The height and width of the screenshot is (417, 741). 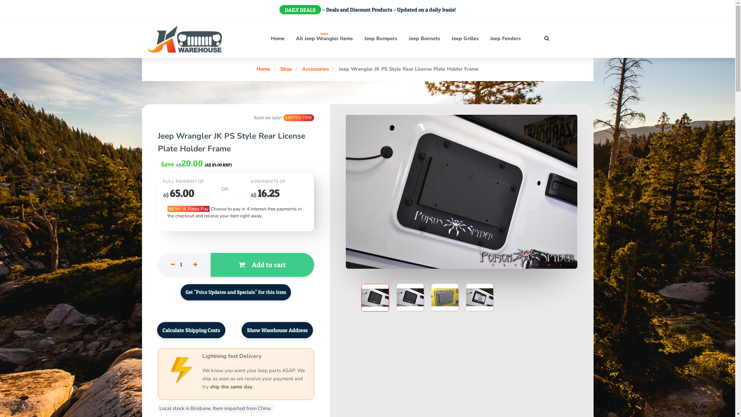 What do you see at coordinates (324, 39) in the screenshot?
I see `'All Jeep Wrangler Items'` at bounding box center [324, 39].